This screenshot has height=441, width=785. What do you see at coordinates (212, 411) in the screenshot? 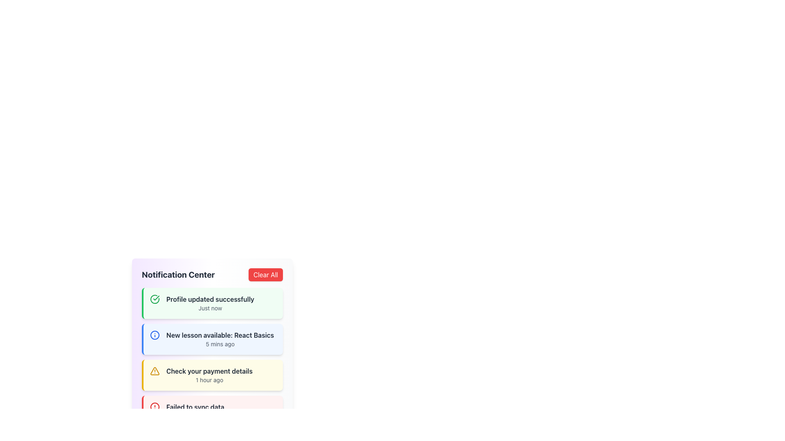
I see `message on the fourth Notification card that appears at the bottom of the stack, following 'Check your payment details.'` at bounding box center [212, 411].